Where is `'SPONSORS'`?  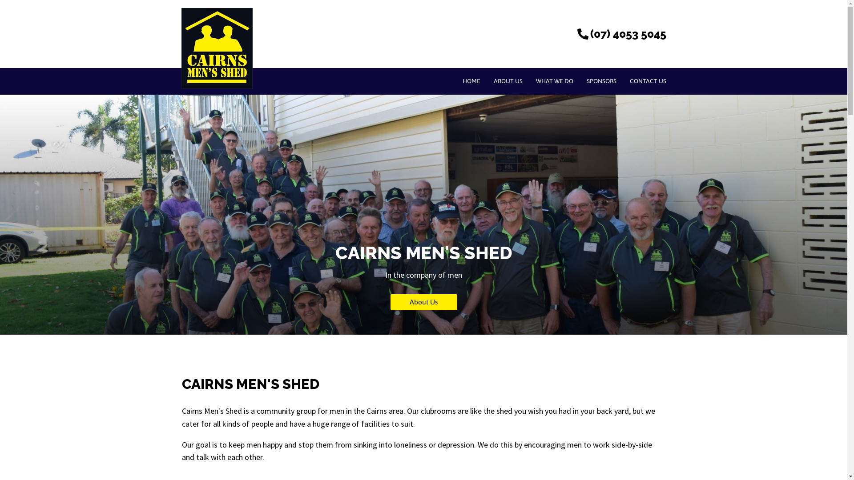 'SPONSORS' is located at coordinates (601, 81).